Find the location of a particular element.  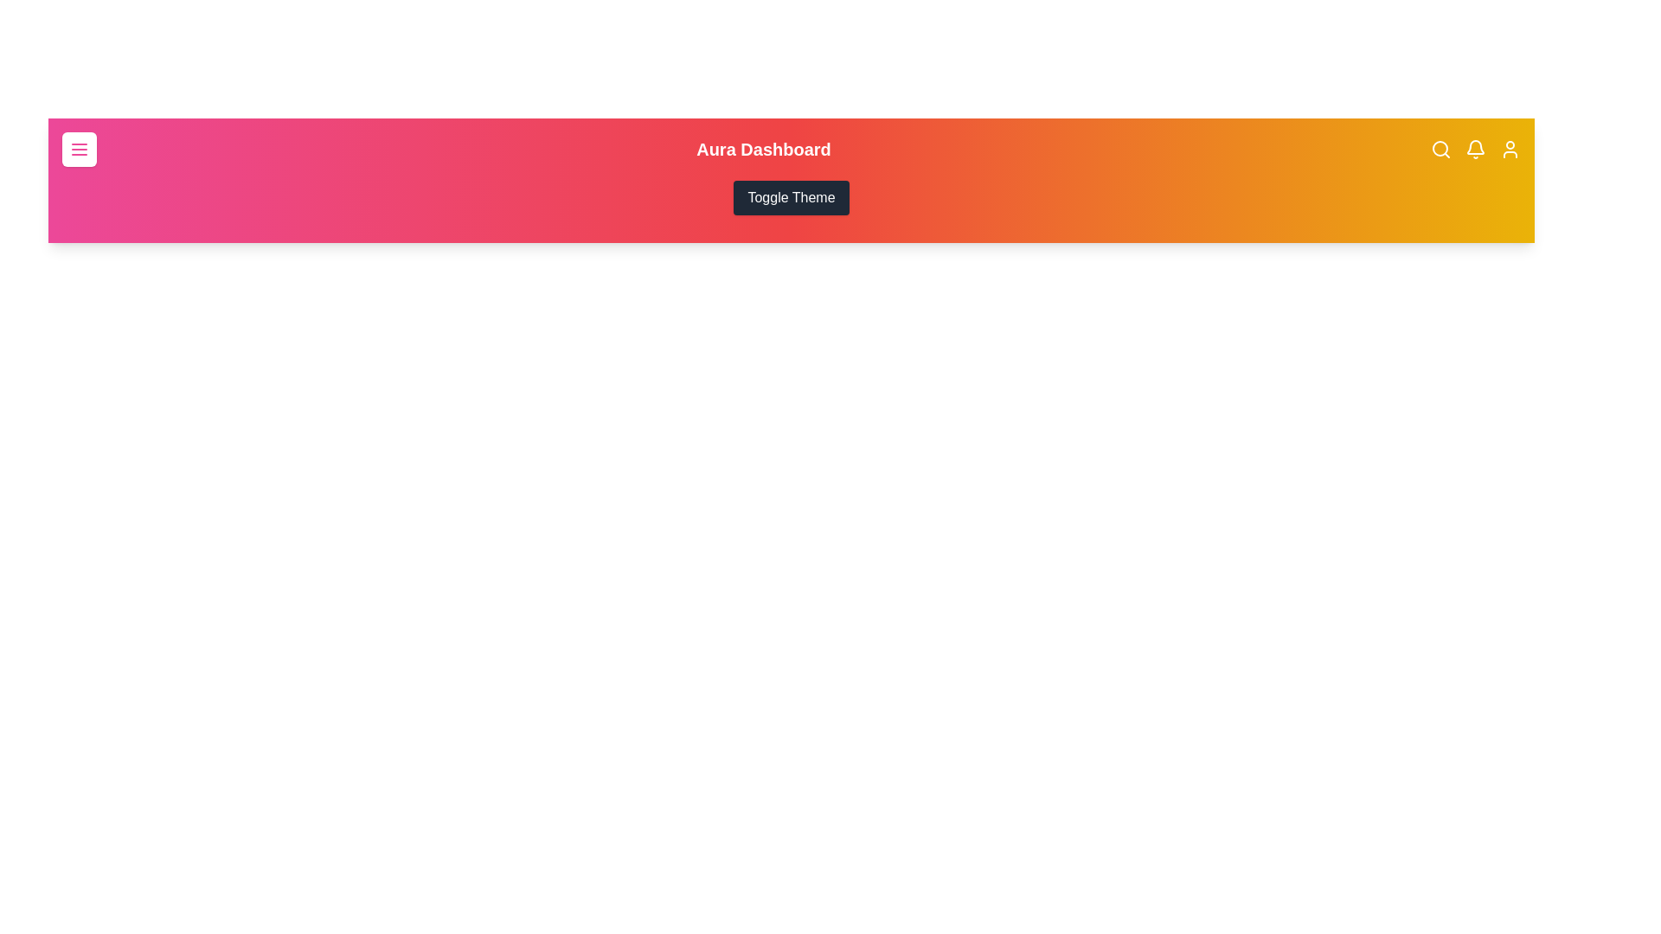

the header text 'Aura Dashboard' to simulate interaction is located at coordinates (763, 149).